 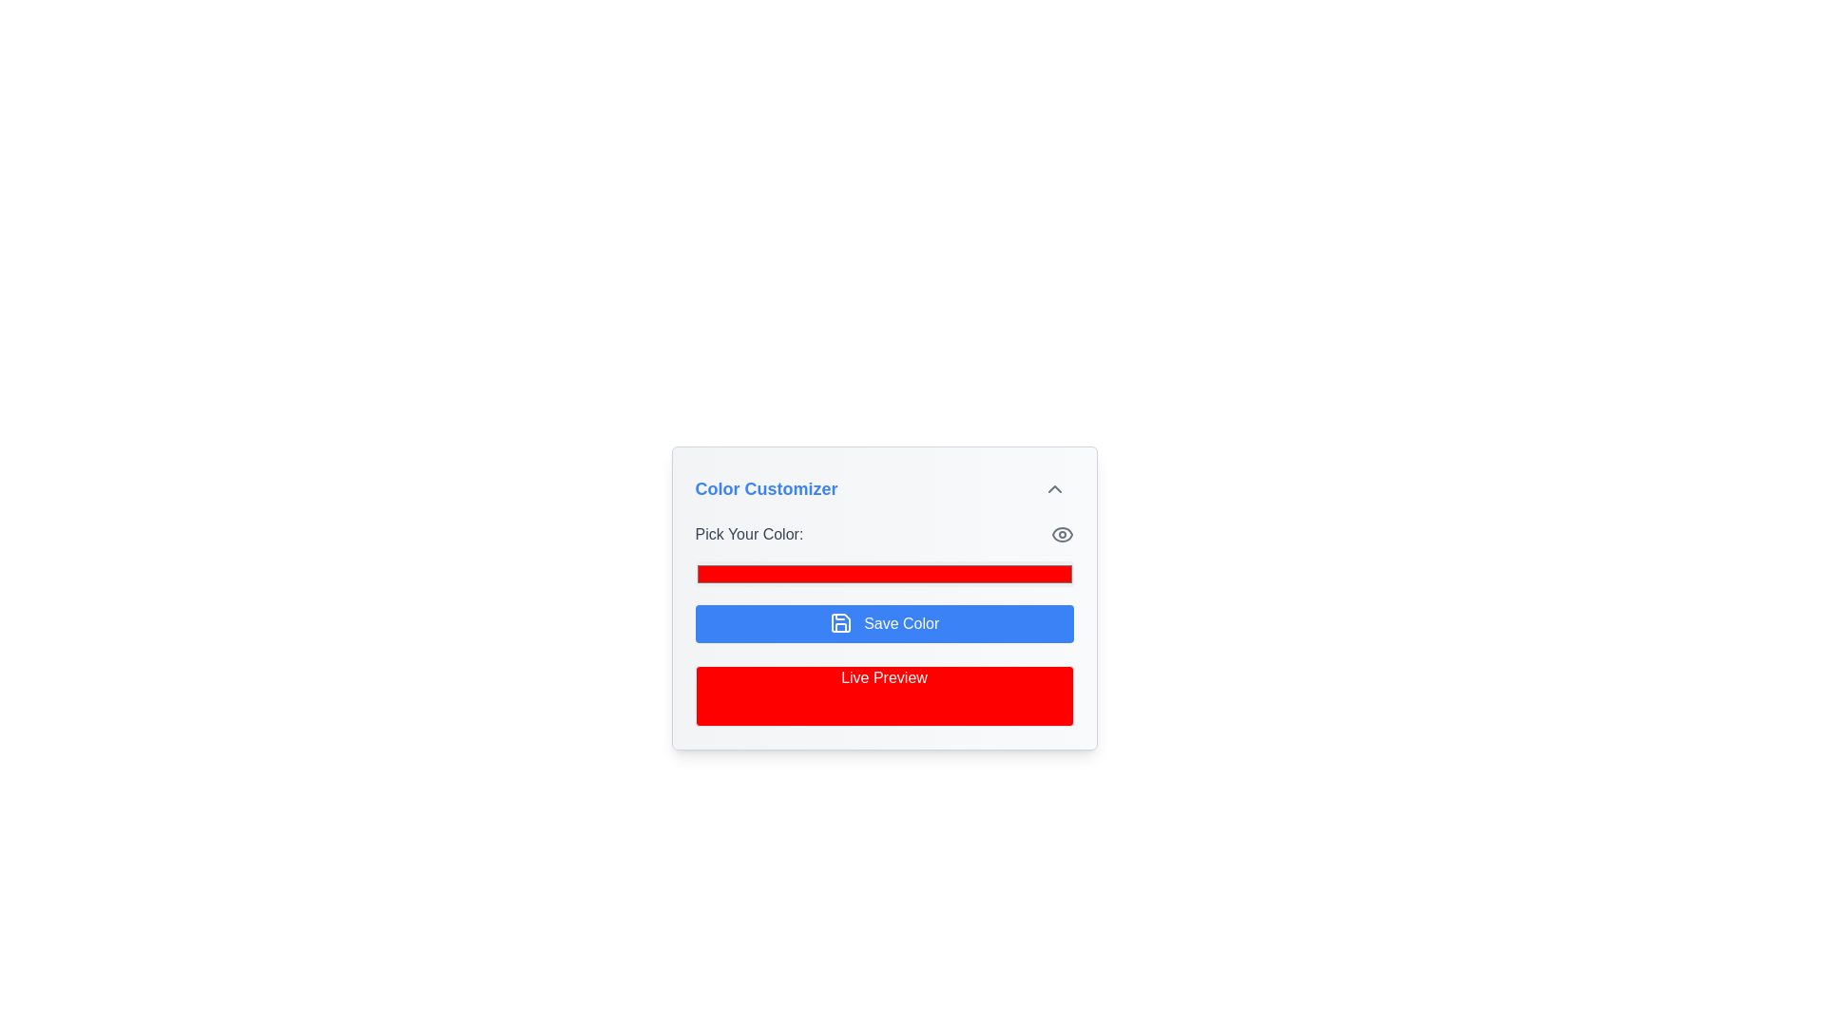 What do you see at coordinates (1061, 535) in the screenshot?
I see `the central circular element of the eye icon located in the top-right corner of the 'Pick Your Color' section` at bounding box center [1061, 535].